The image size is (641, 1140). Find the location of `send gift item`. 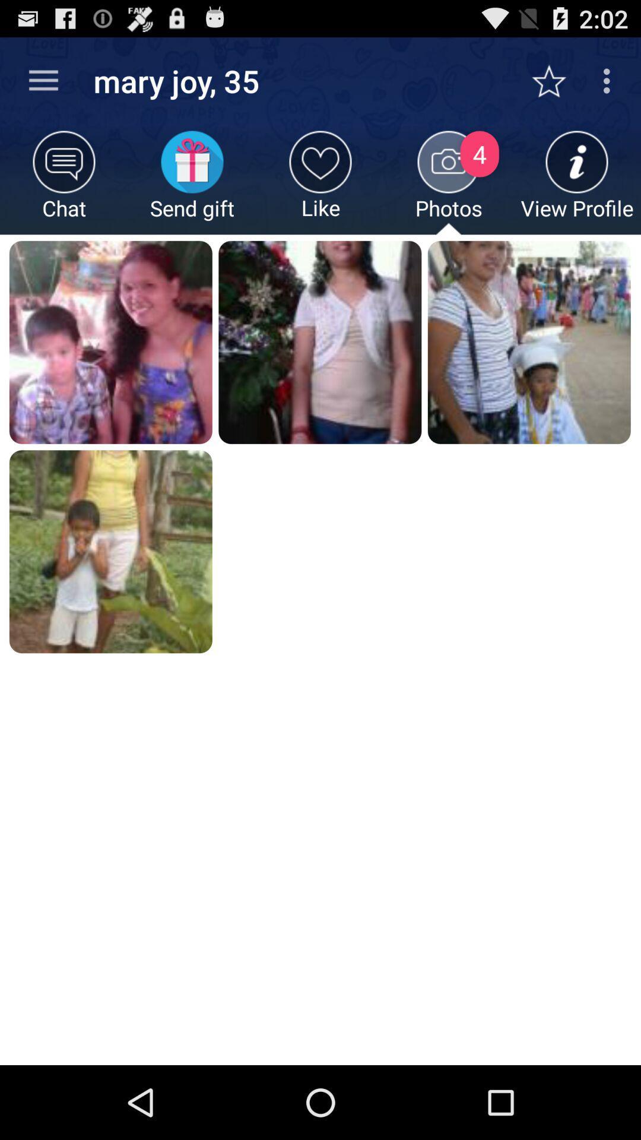

send gift item is located at coordinates (192, 182).